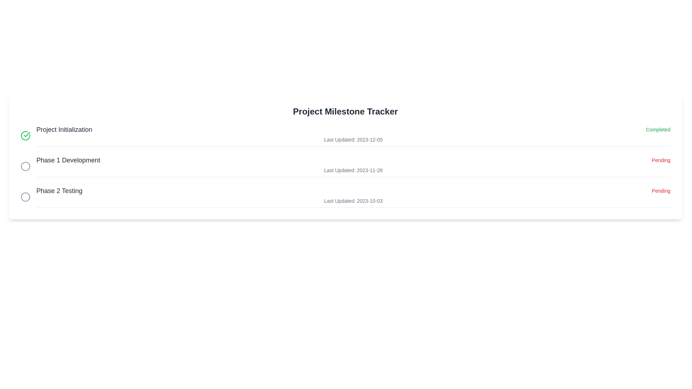 This screenshot has height=389, width=692. What do you see at coordinates (353, 170) in the screenshot?
I see `the Text label indicating the last update timestamp under the 'Phase 1 Development' heading` at bounding box center [353, 170].